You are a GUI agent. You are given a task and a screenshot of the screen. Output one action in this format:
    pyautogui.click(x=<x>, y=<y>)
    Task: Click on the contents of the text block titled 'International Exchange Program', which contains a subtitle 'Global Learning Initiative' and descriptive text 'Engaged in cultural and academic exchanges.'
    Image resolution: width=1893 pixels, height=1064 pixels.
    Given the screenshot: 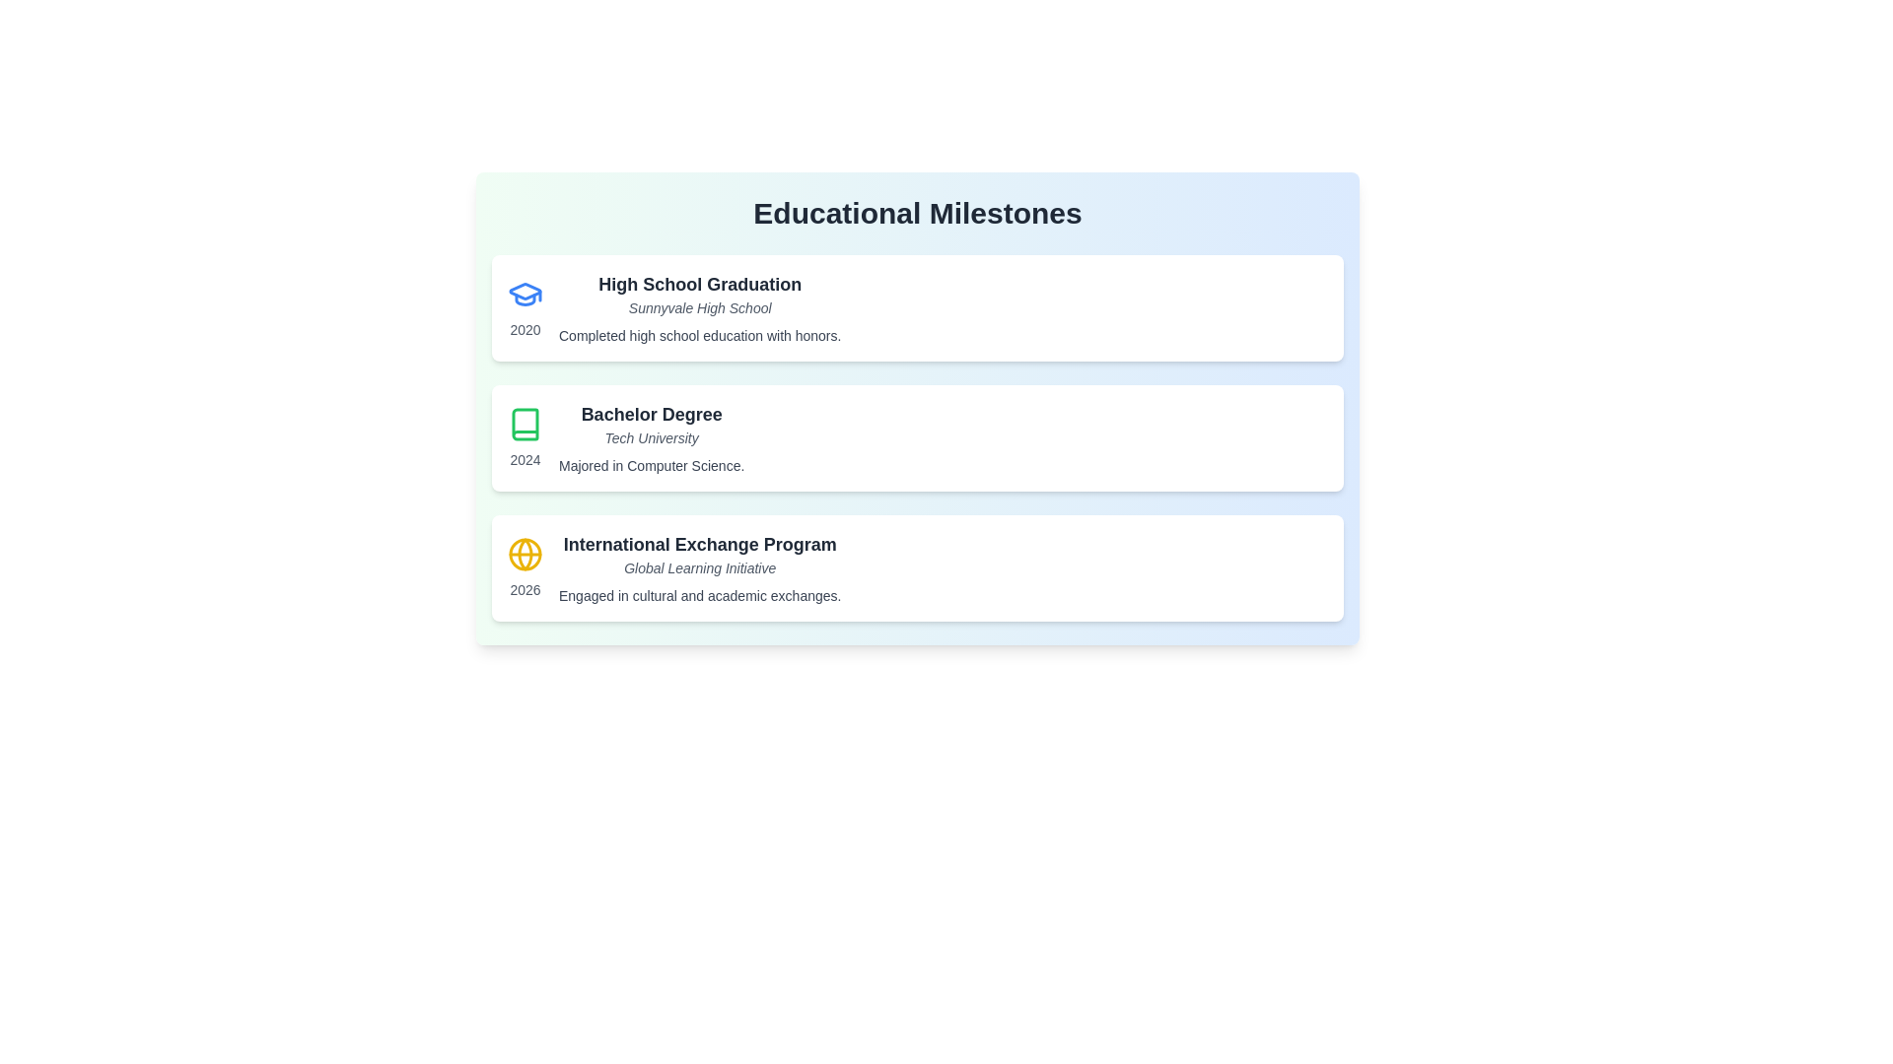 What is the action you would take?
    pyautogui.click(x=700, y=568)
    